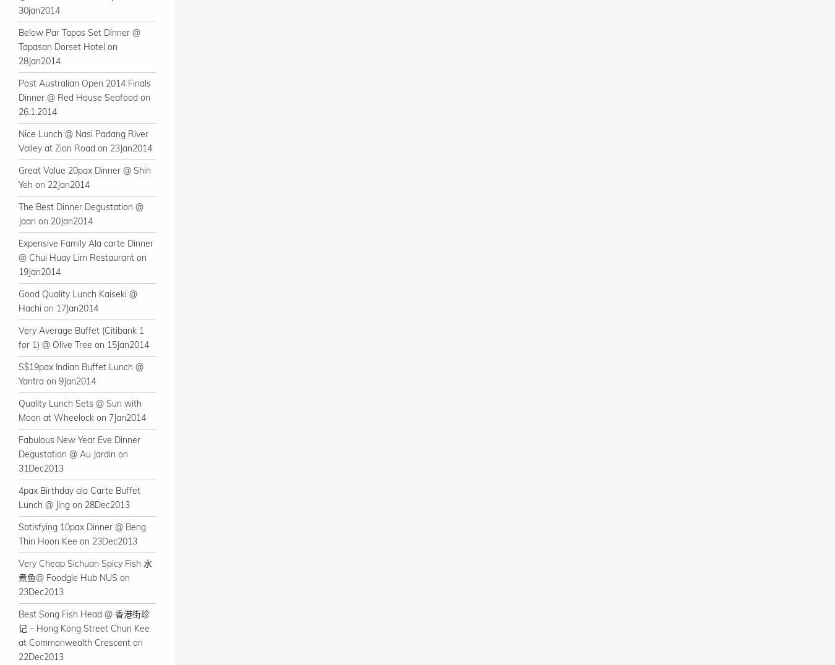 Image resolution: width=835 pixels, height=665 pixels. What do you see at coordinates (83, 635) in the screenshot?
I see `'Best Song Fish Head @ 香港街珍记 – Hong Kong Street Chun Kee at Commonwealth Crescent on 22Dec2013'` at bounding box center [83, 635].